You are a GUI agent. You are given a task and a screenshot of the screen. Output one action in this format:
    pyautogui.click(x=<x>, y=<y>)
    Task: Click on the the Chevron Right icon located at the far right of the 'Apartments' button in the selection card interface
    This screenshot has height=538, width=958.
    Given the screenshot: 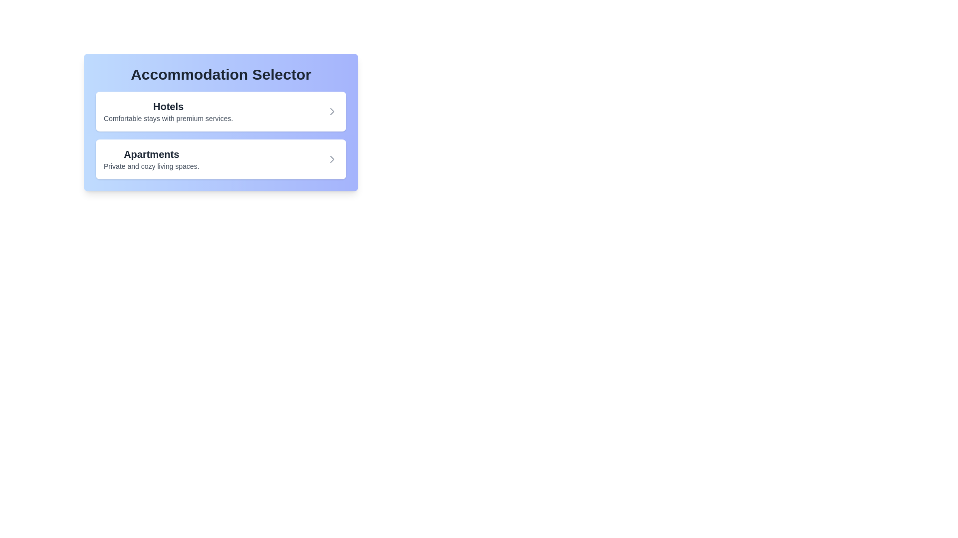 What is the action you would take?
    pyautogui.click(x=332, y=159)
    